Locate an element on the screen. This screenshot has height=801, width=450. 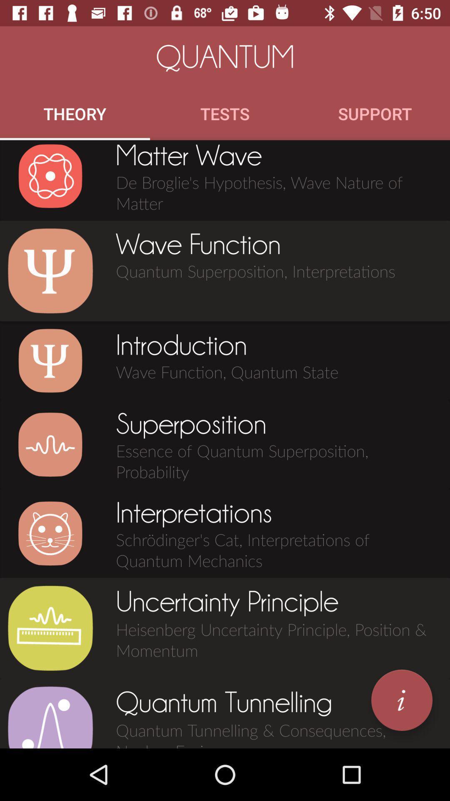
the icon to the left of matter wave is located at coordinates (50, 176).